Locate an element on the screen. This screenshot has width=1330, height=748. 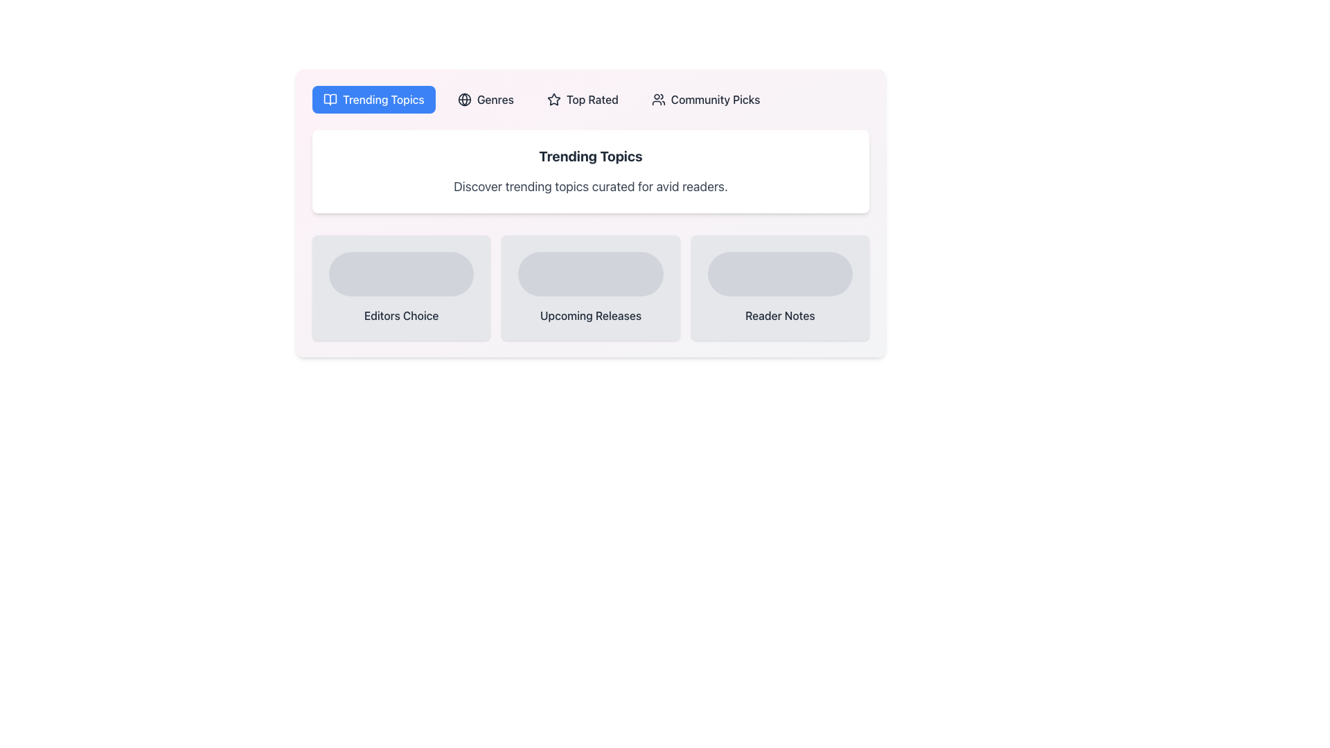
the 'Trending Topics' text label, which is a prominent section heading displayed in bold and dark gray font, located centrally within the UI above descriptive text is located at coordinates (591, 156).